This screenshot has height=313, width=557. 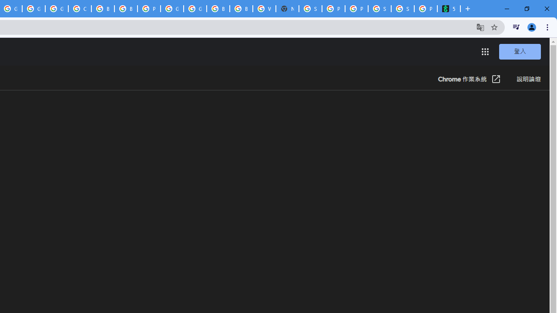 I want to click on 'Control your music, videos, and more', so click(x=516, y=27).